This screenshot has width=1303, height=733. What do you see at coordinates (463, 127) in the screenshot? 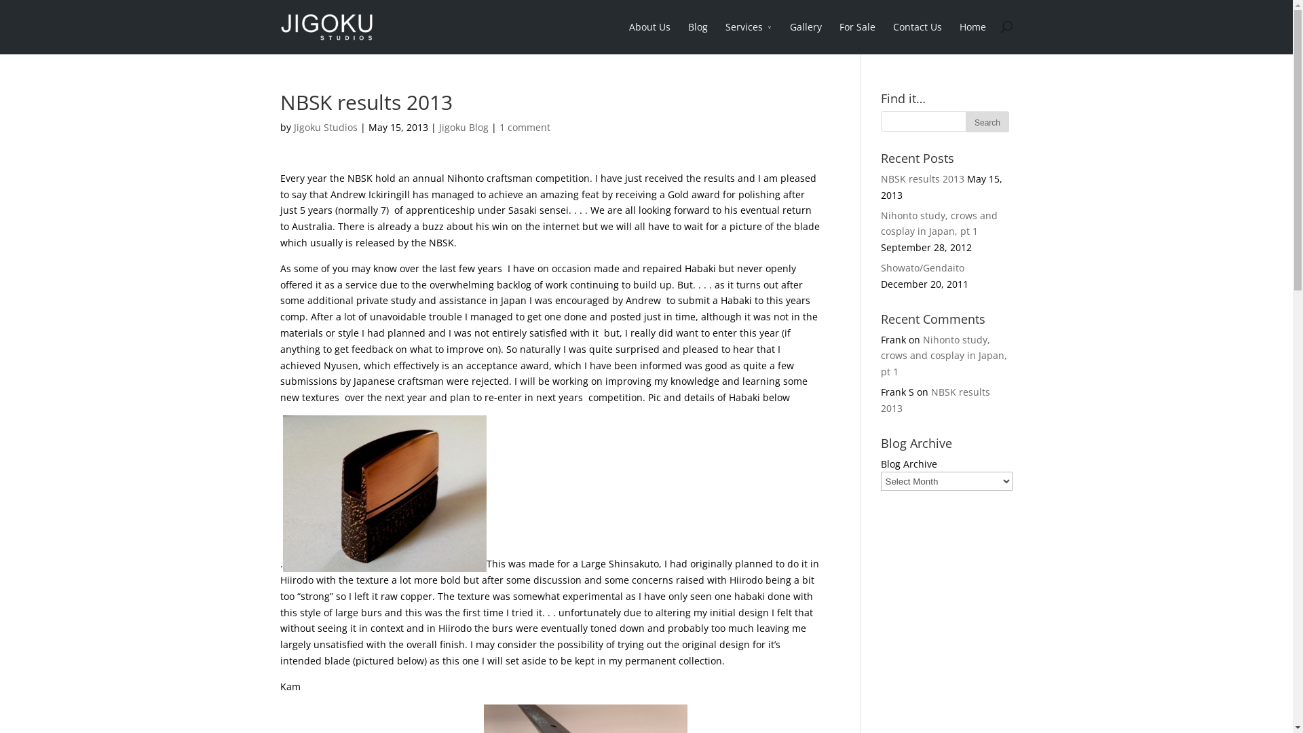
I see `'Jigoku Blog'` at bounding box center [463, 127].